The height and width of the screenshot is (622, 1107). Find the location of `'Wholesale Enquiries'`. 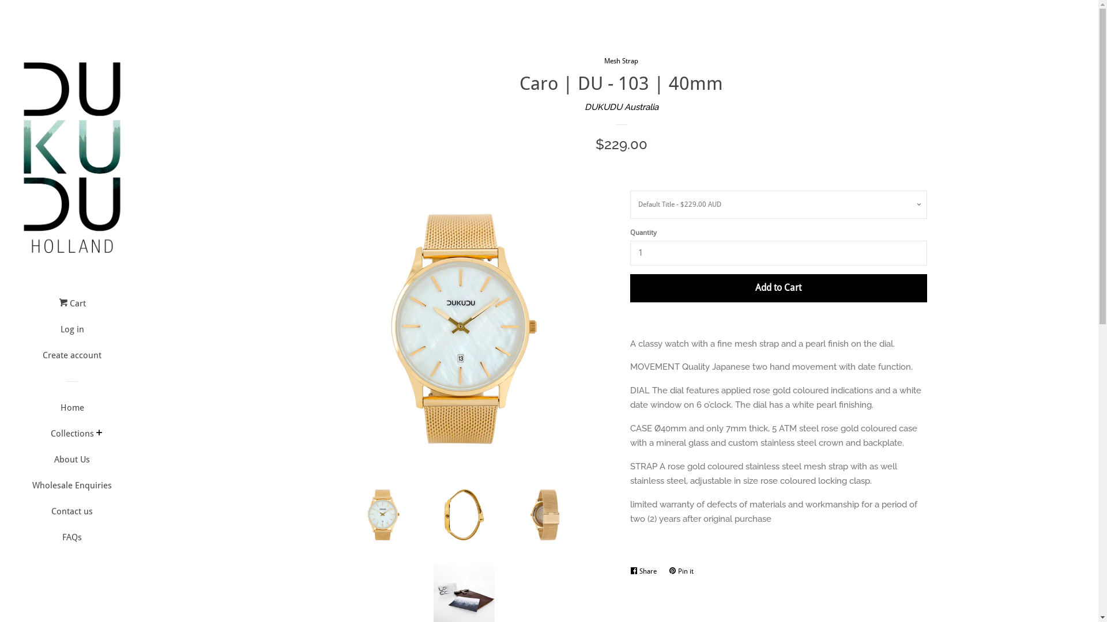

'Wholesale Enquiries' is located at coordinates (71, 490).